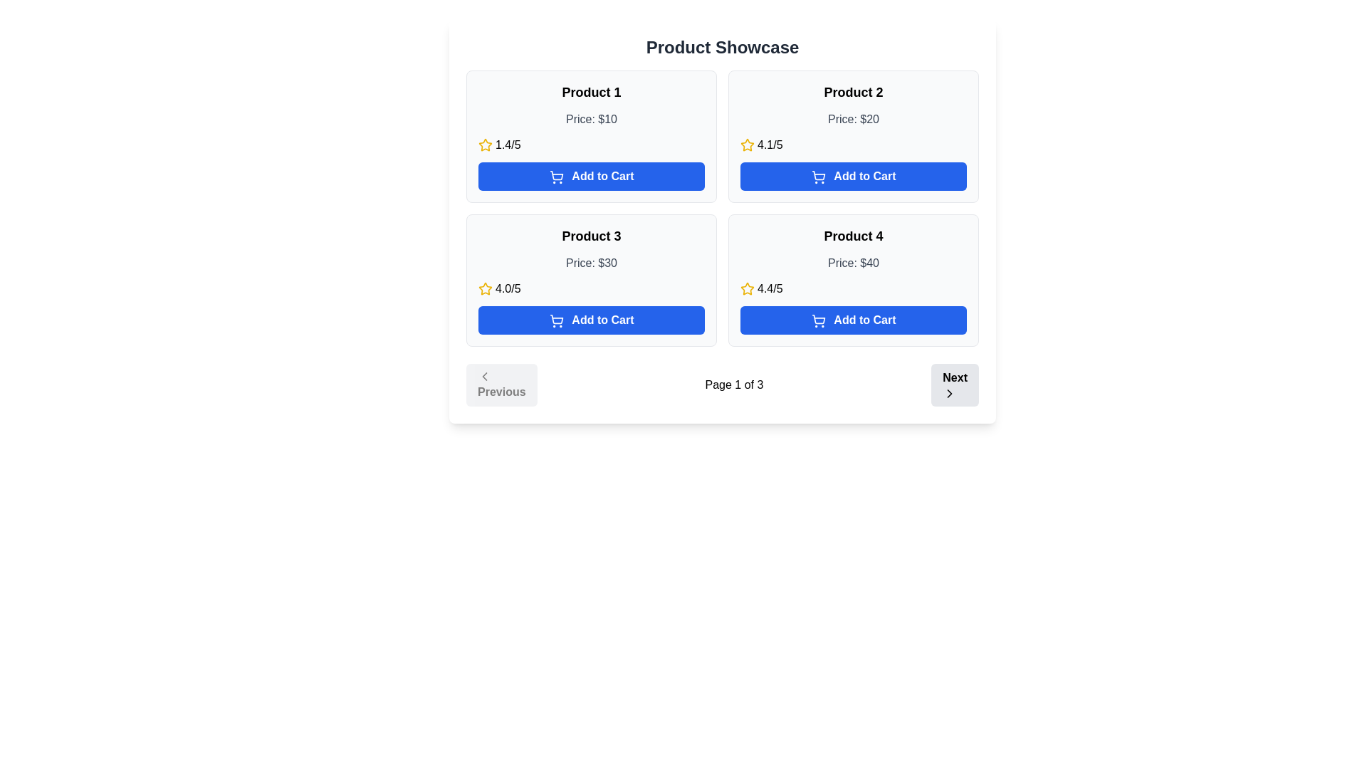  Describe the element at coordinates (734, 384) in the screenshot. I see `the central text display in the pagination section that shows the current page number and total pages` at that location.